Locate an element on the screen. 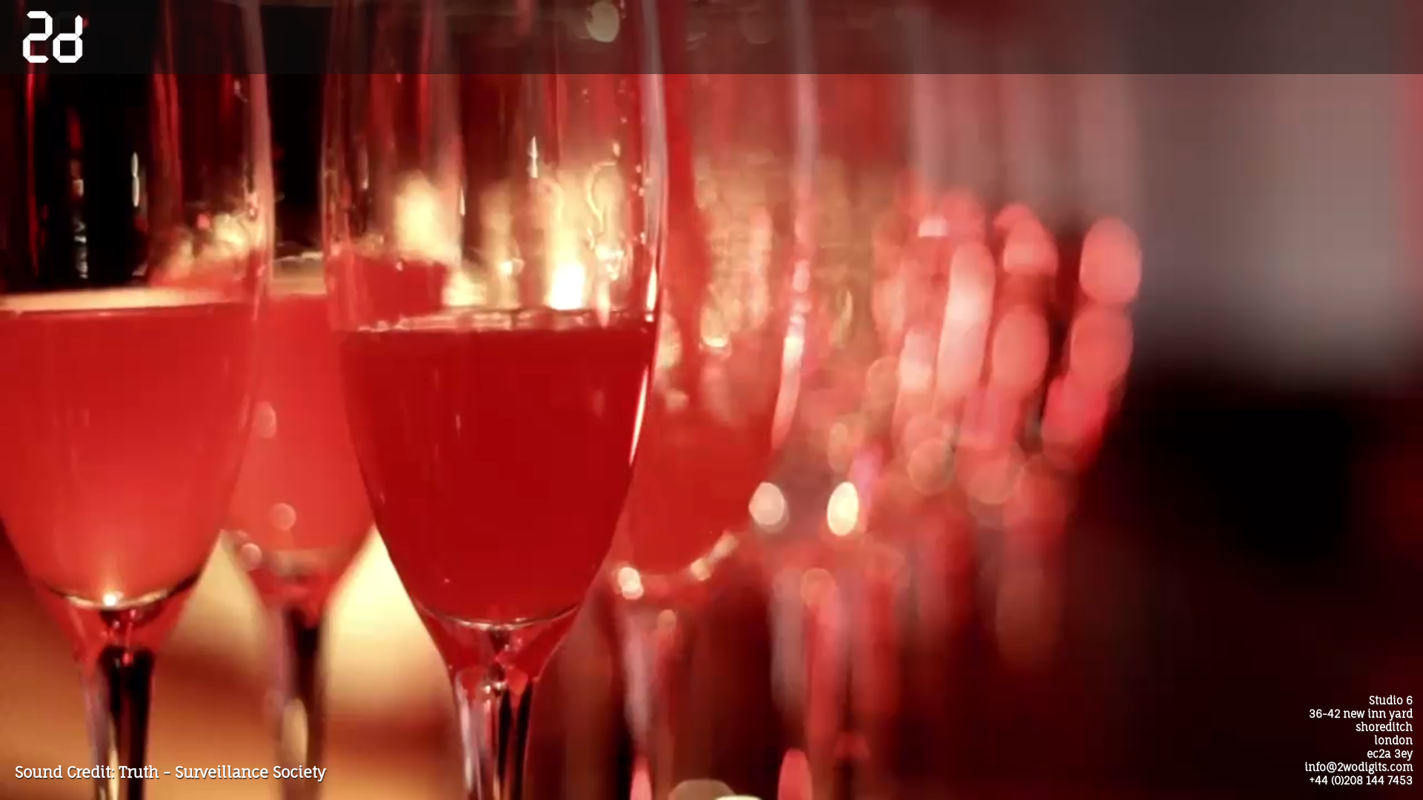  'info@2wodigits.com' is located at coordinates (1359, 767).